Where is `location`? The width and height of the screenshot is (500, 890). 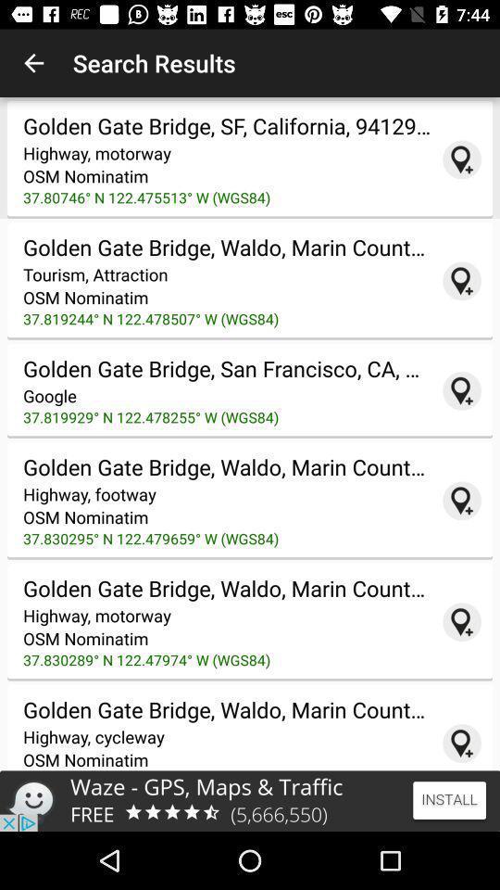
location is located at coordinates (461, 390).